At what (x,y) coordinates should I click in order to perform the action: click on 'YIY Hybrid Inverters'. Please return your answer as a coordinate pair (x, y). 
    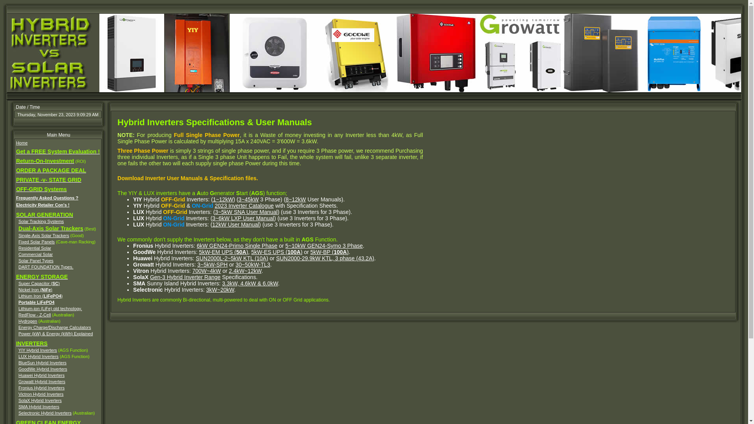
    Looking at the image, I should click on (37, 349).